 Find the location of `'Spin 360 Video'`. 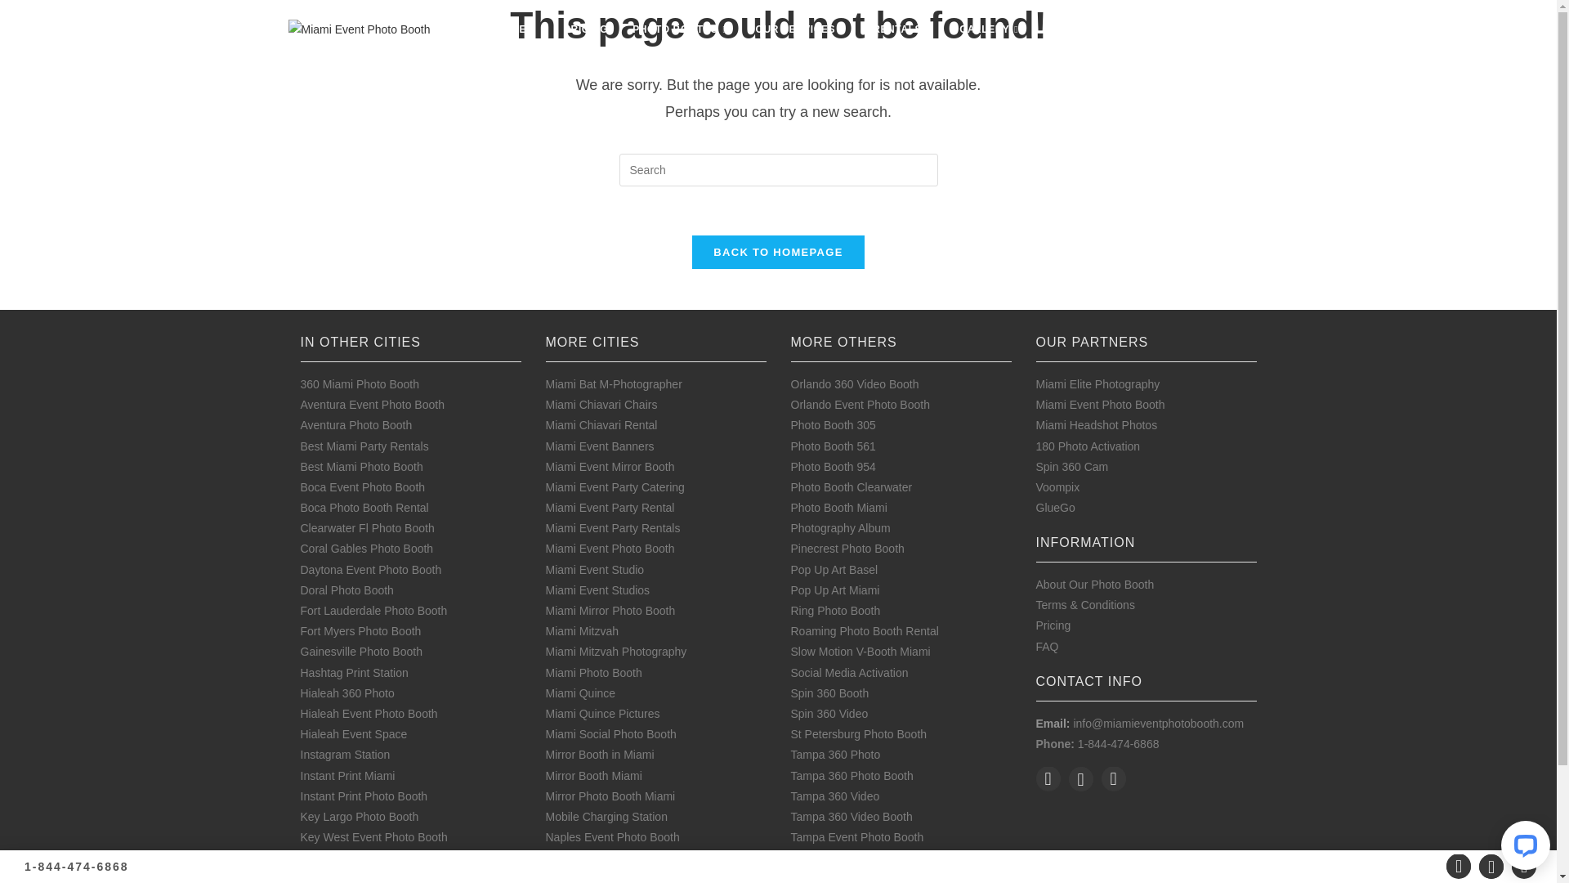

'Spin 360 Video' is located at coordinates (829, 712).